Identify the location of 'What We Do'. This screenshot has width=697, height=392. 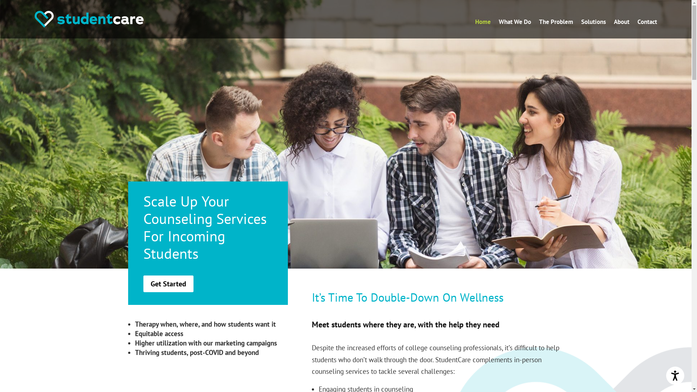
(498, 23).